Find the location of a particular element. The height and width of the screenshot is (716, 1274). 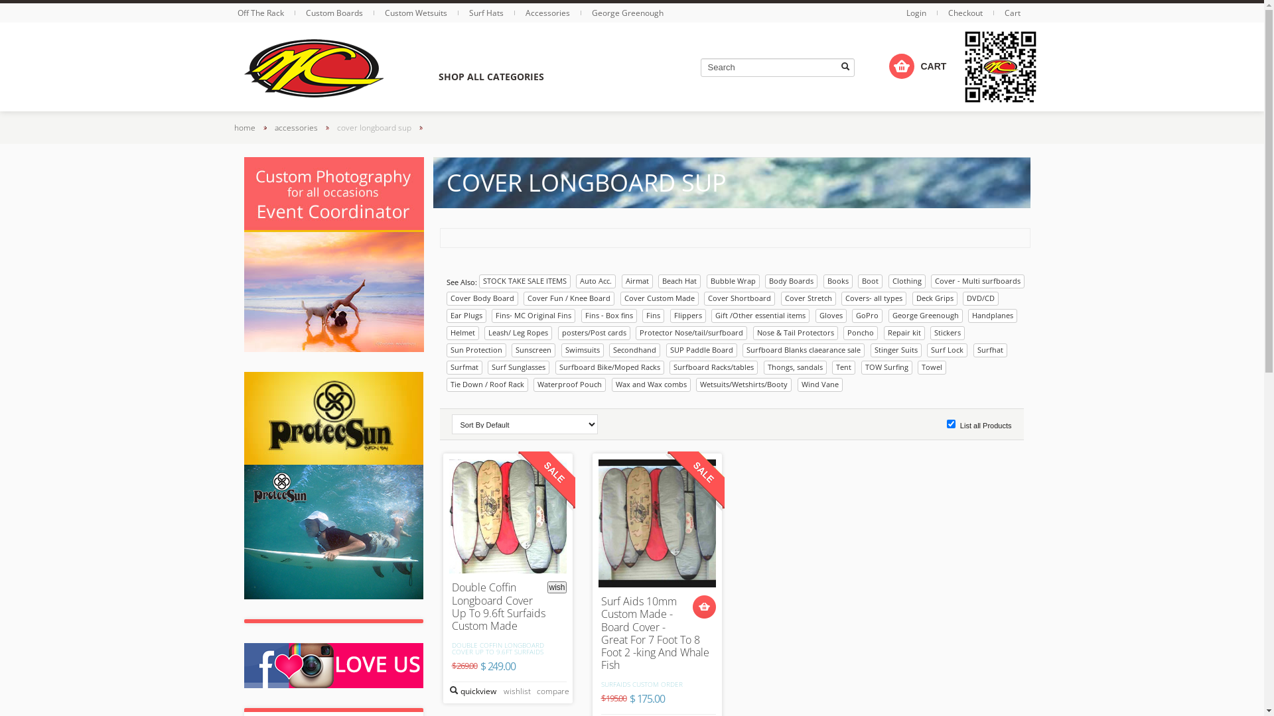

'wishlist' is located at coordinates (499, 690).